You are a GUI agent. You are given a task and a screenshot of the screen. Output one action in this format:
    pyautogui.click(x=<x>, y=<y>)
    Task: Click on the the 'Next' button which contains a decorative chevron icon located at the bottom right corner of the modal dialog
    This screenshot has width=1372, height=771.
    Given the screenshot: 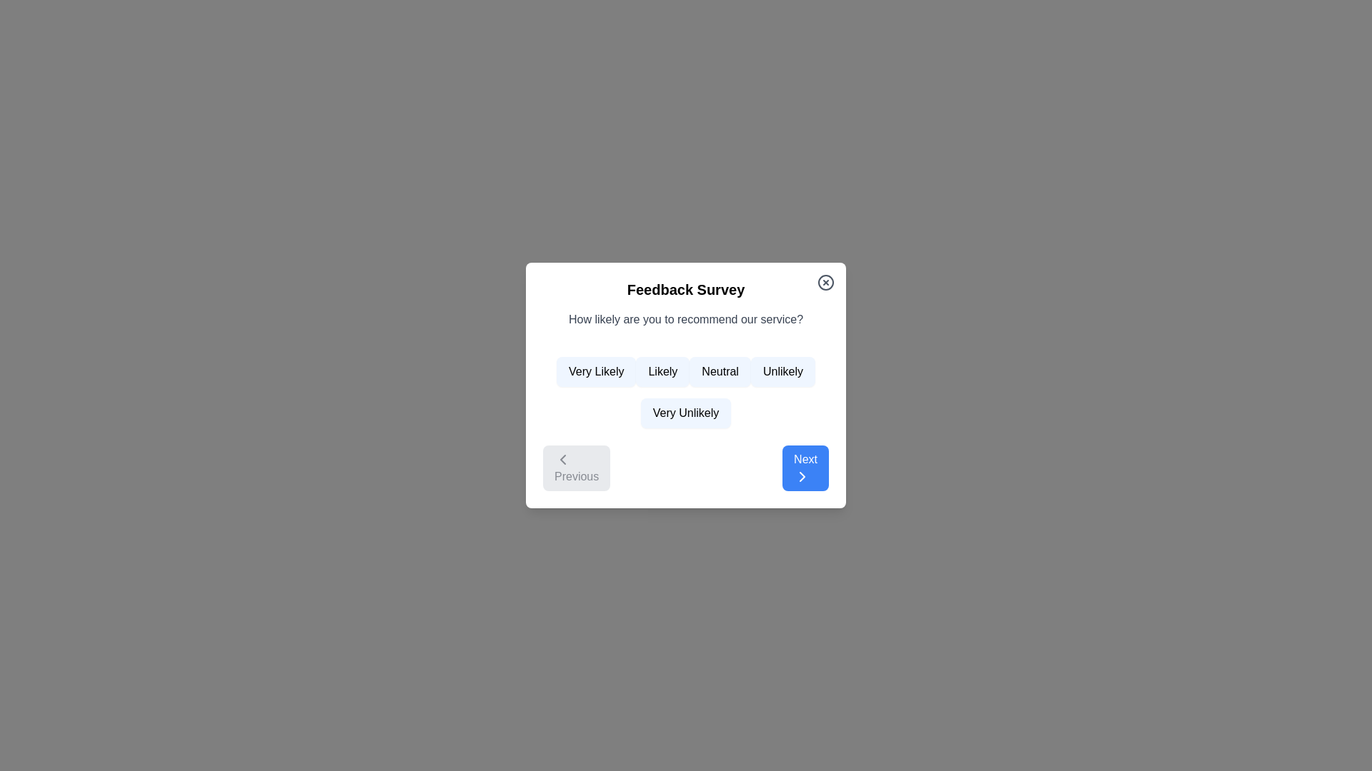 What is the action you would take?
    pyautogui.click(x=802, y=476)
    